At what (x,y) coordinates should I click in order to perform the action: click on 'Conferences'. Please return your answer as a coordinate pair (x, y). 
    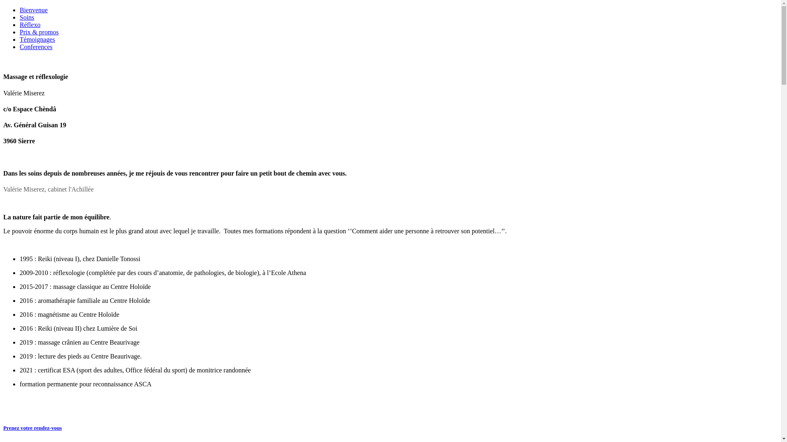
    Looking at the image, I should click on (35, 47).